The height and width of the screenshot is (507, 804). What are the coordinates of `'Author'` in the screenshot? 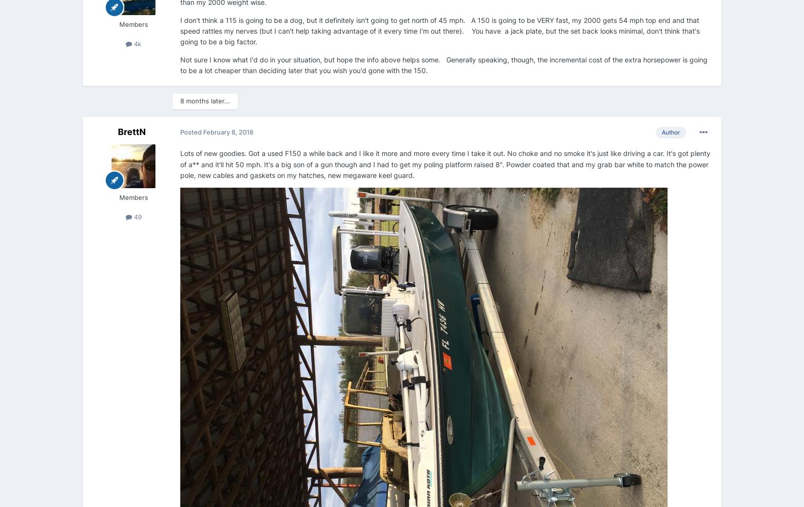 It's located at (670, 132).